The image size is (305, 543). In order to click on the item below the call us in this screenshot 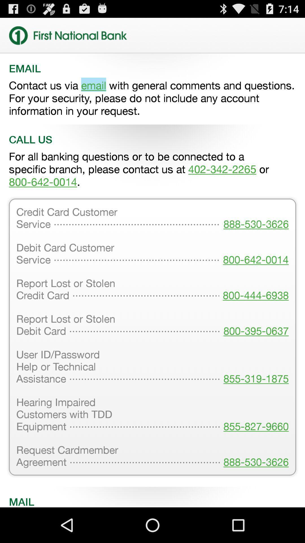, I will do `click(152, 169)`.